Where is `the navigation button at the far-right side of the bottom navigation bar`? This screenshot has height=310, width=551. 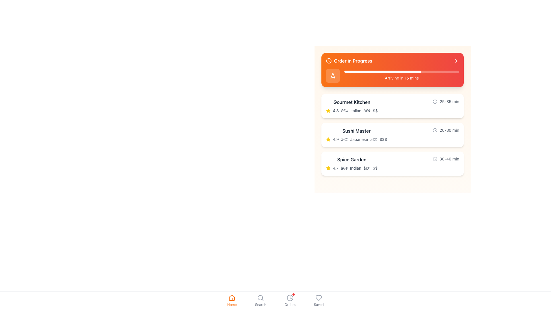 the navigation button at the far-right side of the bottom navigation bar is located at coordinates (318, 297).